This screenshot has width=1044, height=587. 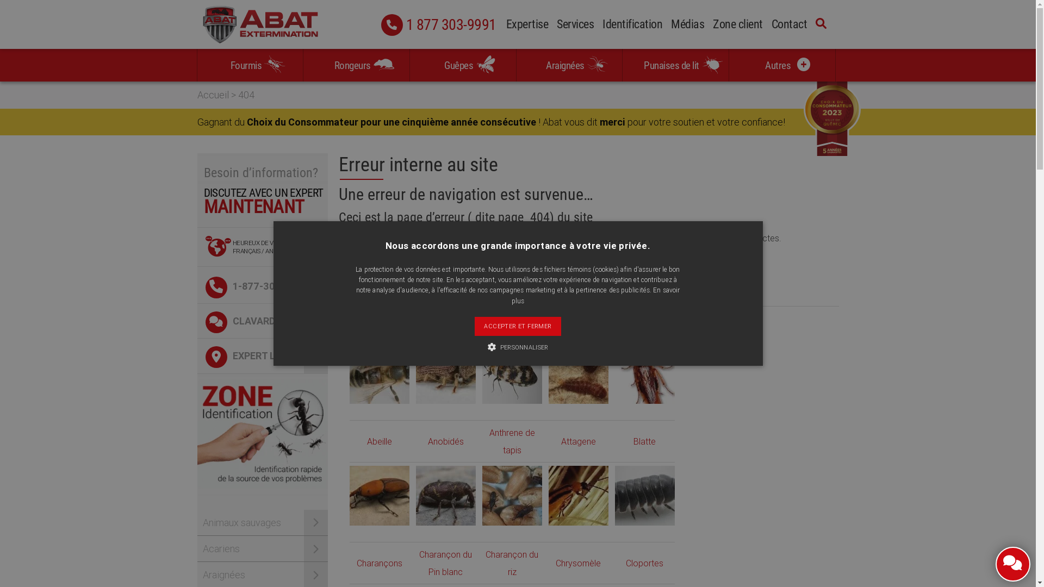 I want to click on 'Contact', so click(x=788, y=25).